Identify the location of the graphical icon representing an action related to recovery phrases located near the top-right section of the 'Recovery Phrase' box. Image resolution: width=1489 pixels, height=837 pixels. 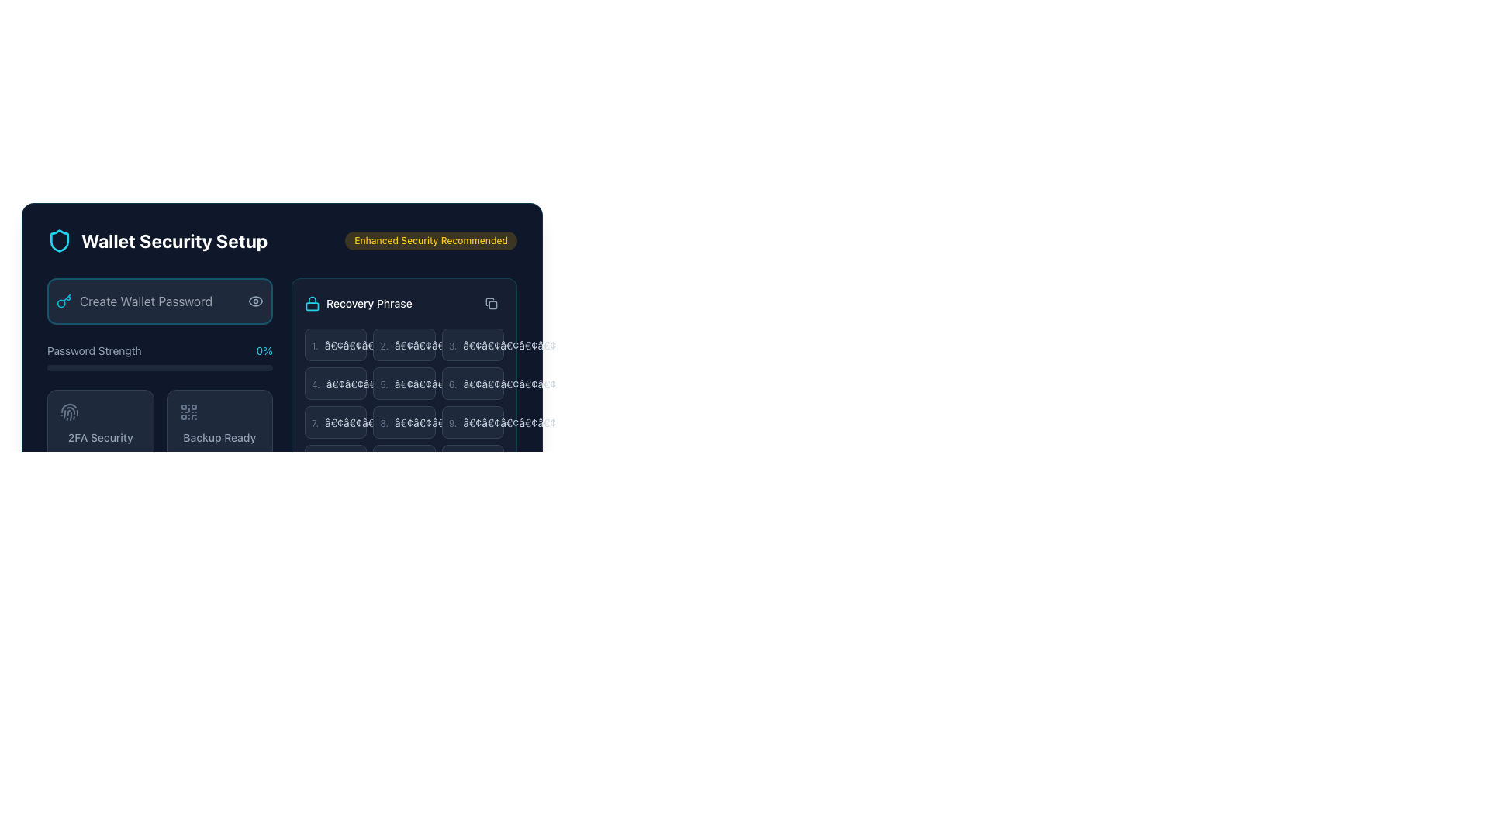
(492, 305).